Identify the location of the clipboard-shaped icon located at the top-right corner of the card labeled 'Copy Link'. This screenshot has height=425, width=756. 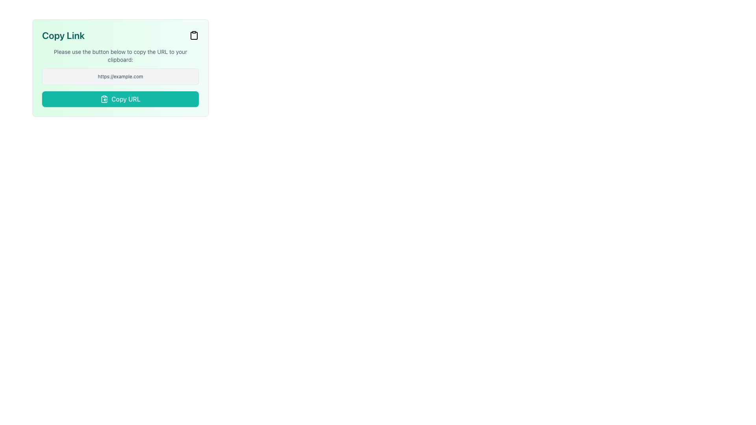
(194, 36).